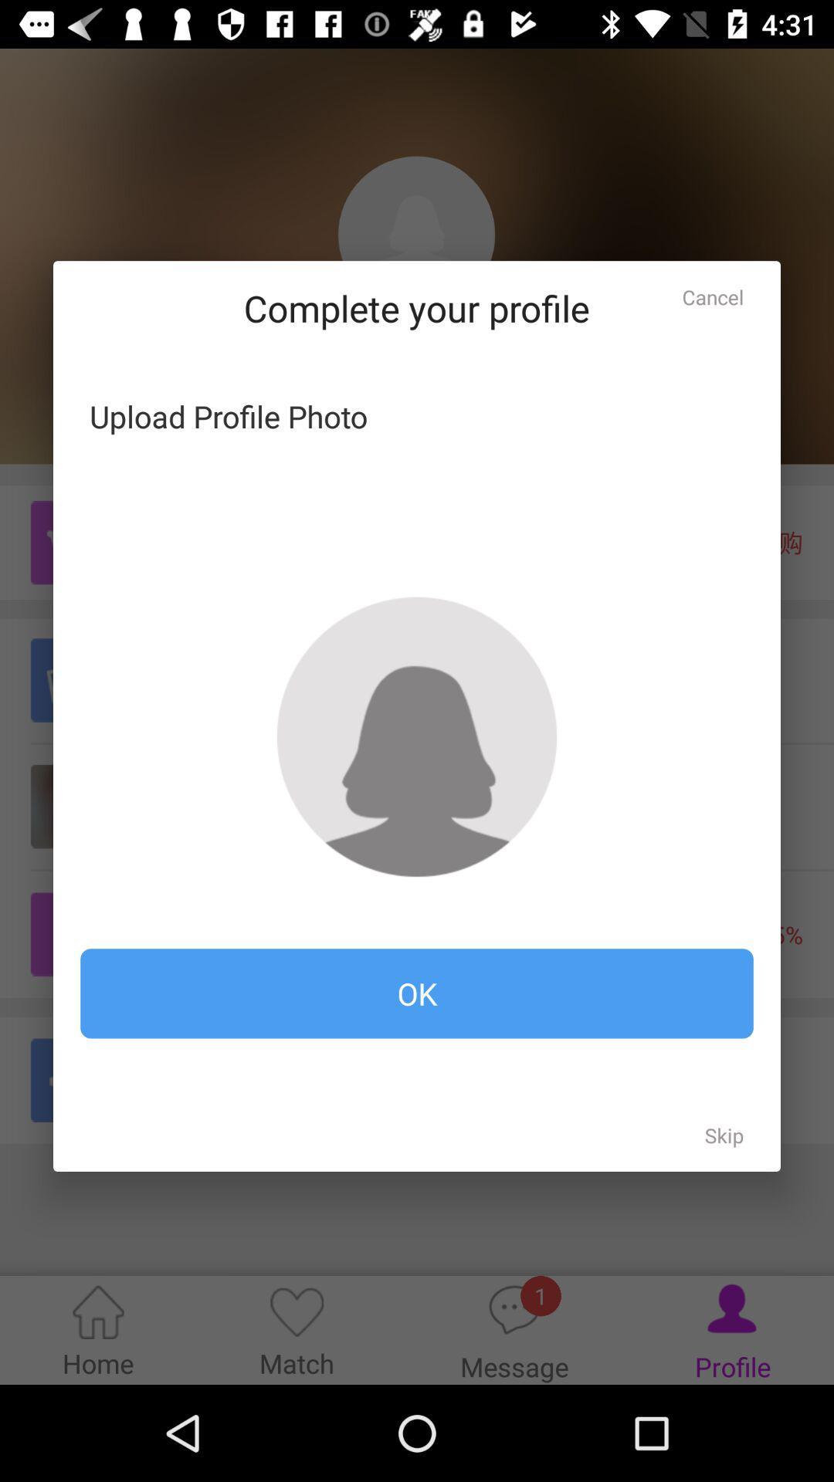  Describe the element at coordinates (417, 993) in the screenshot. I see `ok icon` at that location.